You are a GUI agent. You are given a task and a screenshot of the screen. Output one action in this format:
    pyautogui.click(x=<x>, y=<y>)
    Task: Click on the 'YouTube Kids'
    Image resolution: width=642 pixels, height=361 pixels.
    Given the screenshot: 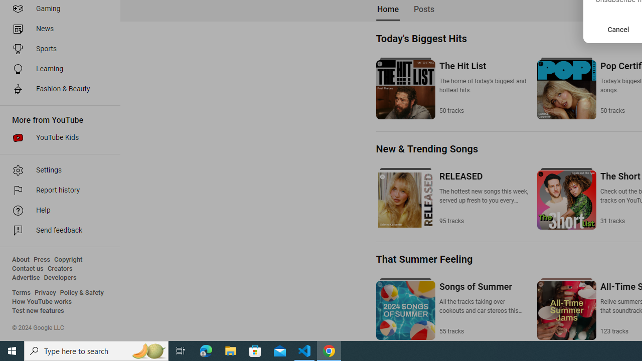 What is the action you would take?
    pyautogui.click(x=56, y=138)
    